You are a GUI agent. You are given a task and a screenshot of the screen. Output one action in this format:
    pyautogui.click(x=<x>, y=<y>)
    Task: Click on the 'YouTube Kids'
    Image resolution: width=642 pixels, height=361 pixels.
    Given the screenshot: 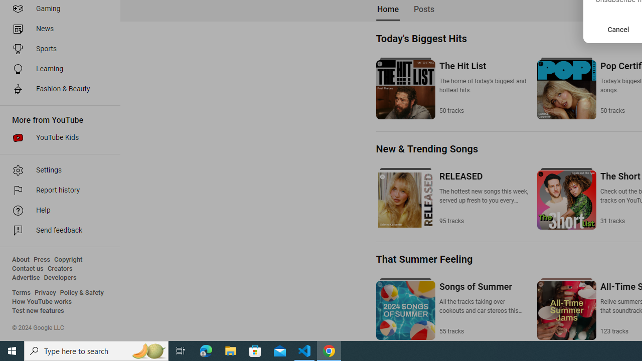 What is the action you would take?
    pyautogui.click(x=56, y=138)
    